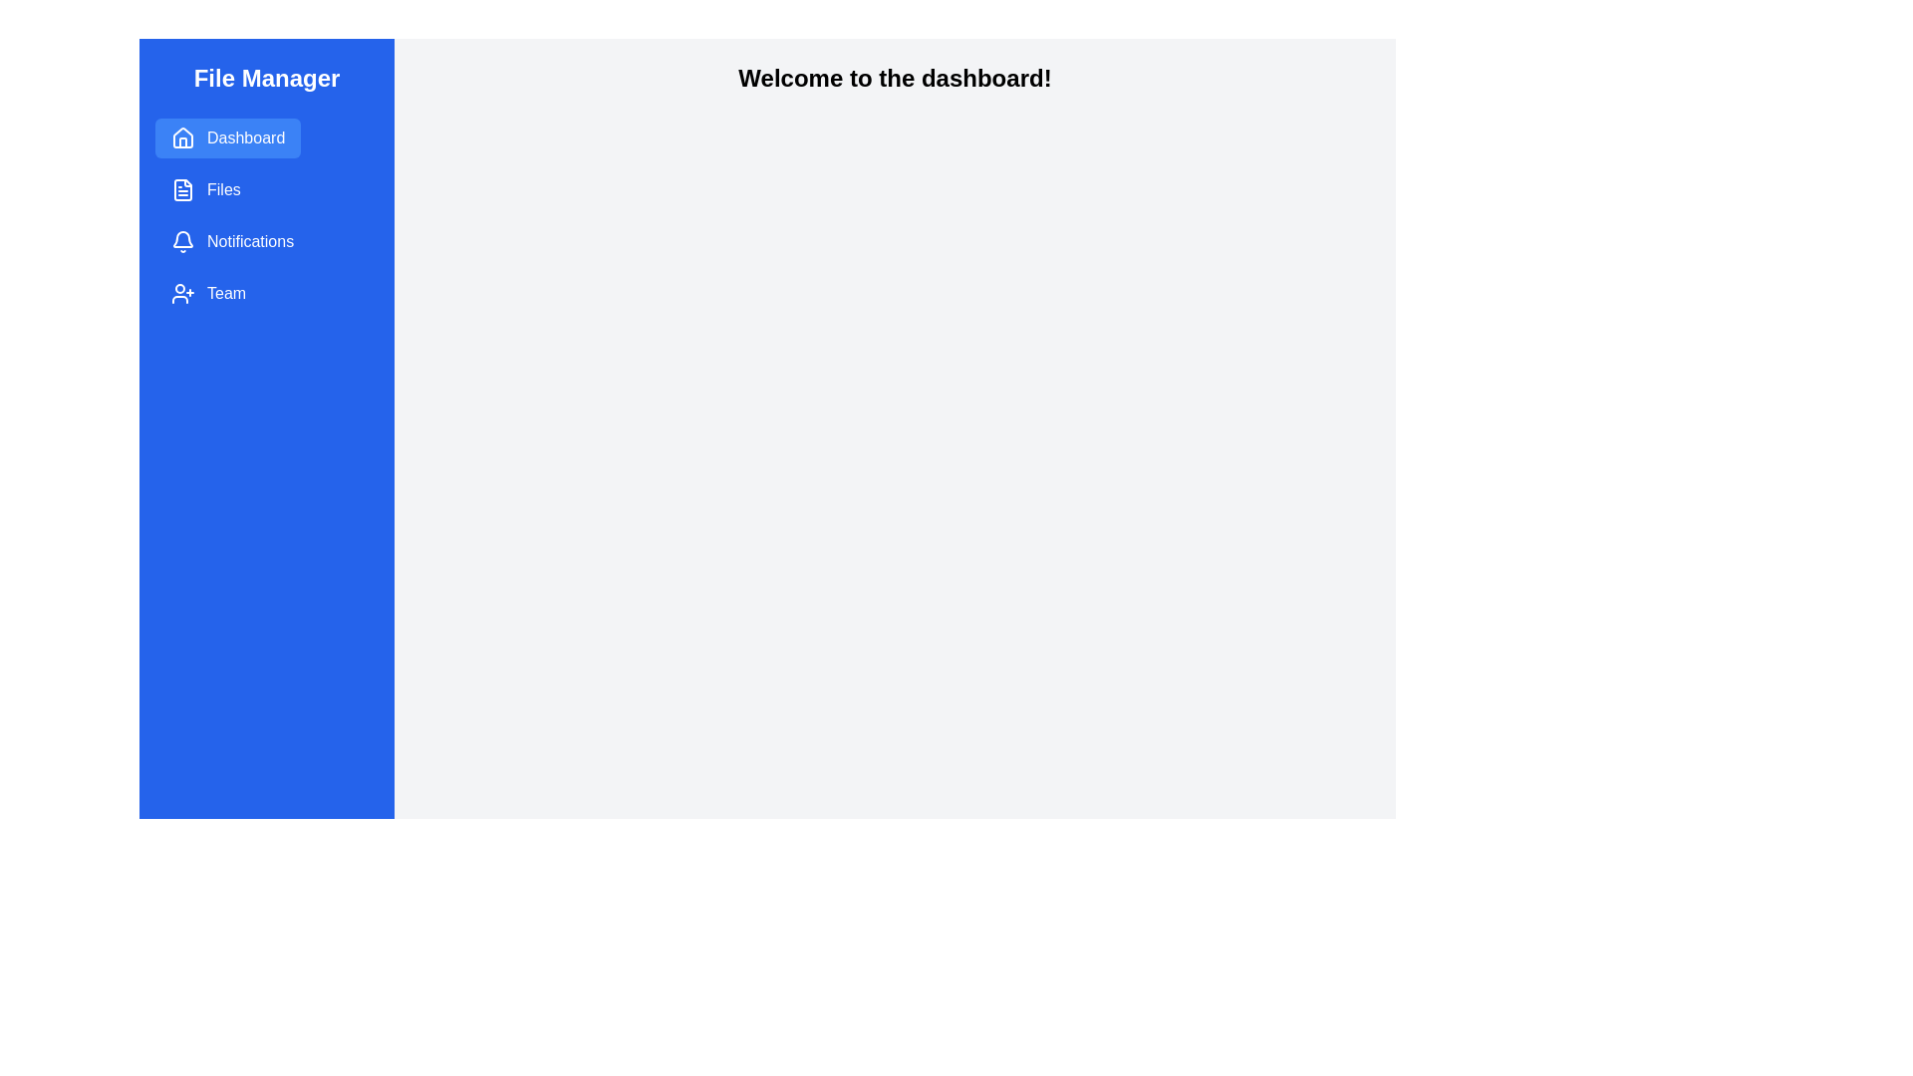 The height and width of the screenshot is (1076, 1913). I want to click on the 'Files' button located in the navigation bar, which is the second item in the vertical list after 'Dashboard' and above 'Notifications', so click(205, 190).